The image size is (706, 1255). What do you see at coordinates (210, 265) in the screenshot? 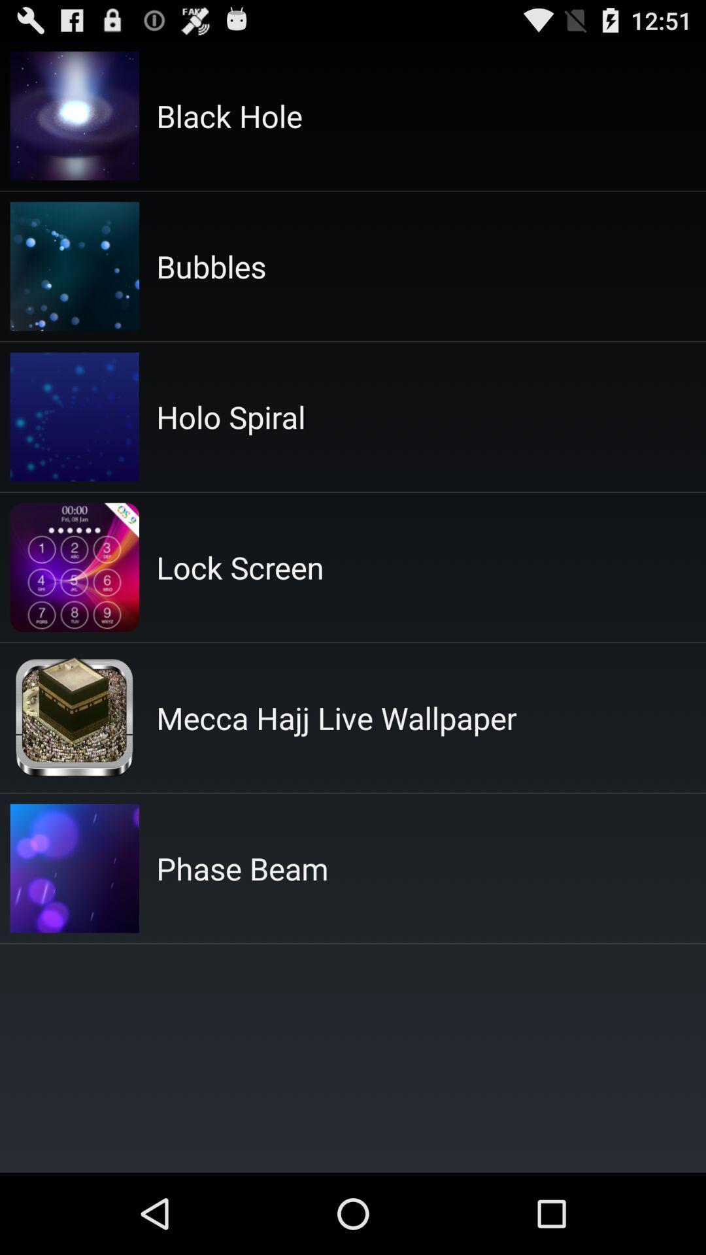
I see `app above holo spiral icon` at bounding box center [210, 265].